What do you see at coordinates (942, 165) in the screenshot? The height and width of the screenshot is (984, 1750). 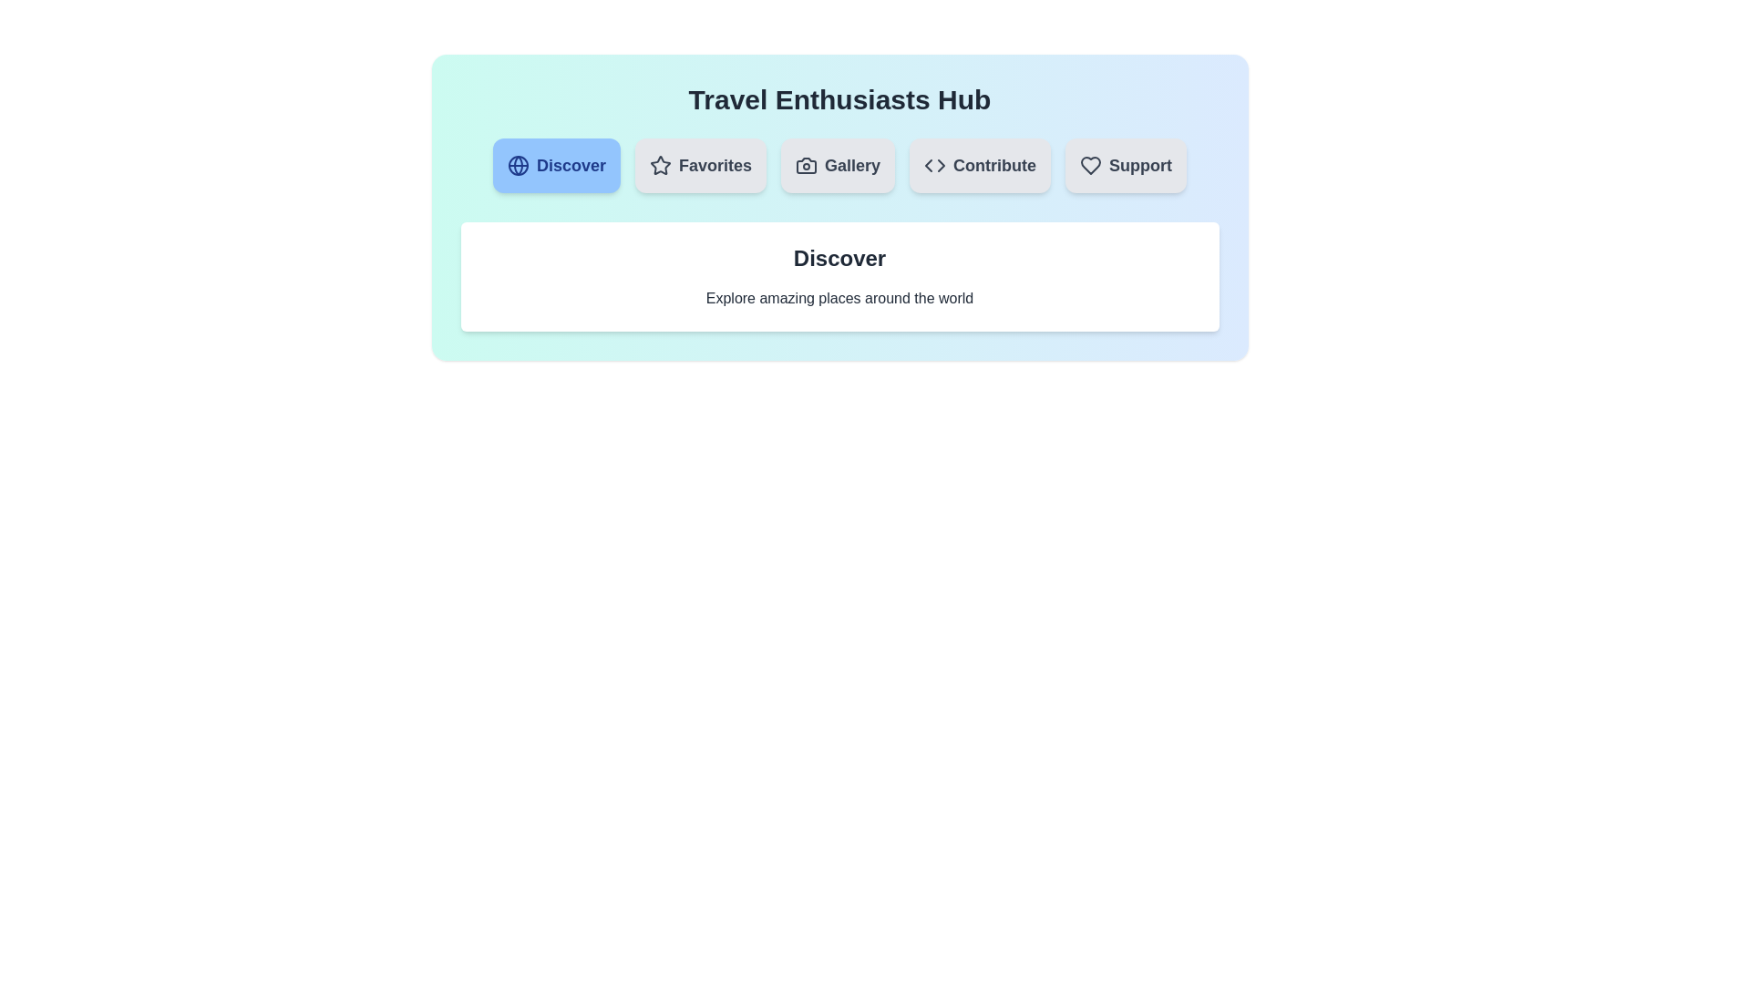 I see `right-pointing arrowhead icon within the 'Contribute' button on the menu bar for developer actions` at bounding box center [942, 165].